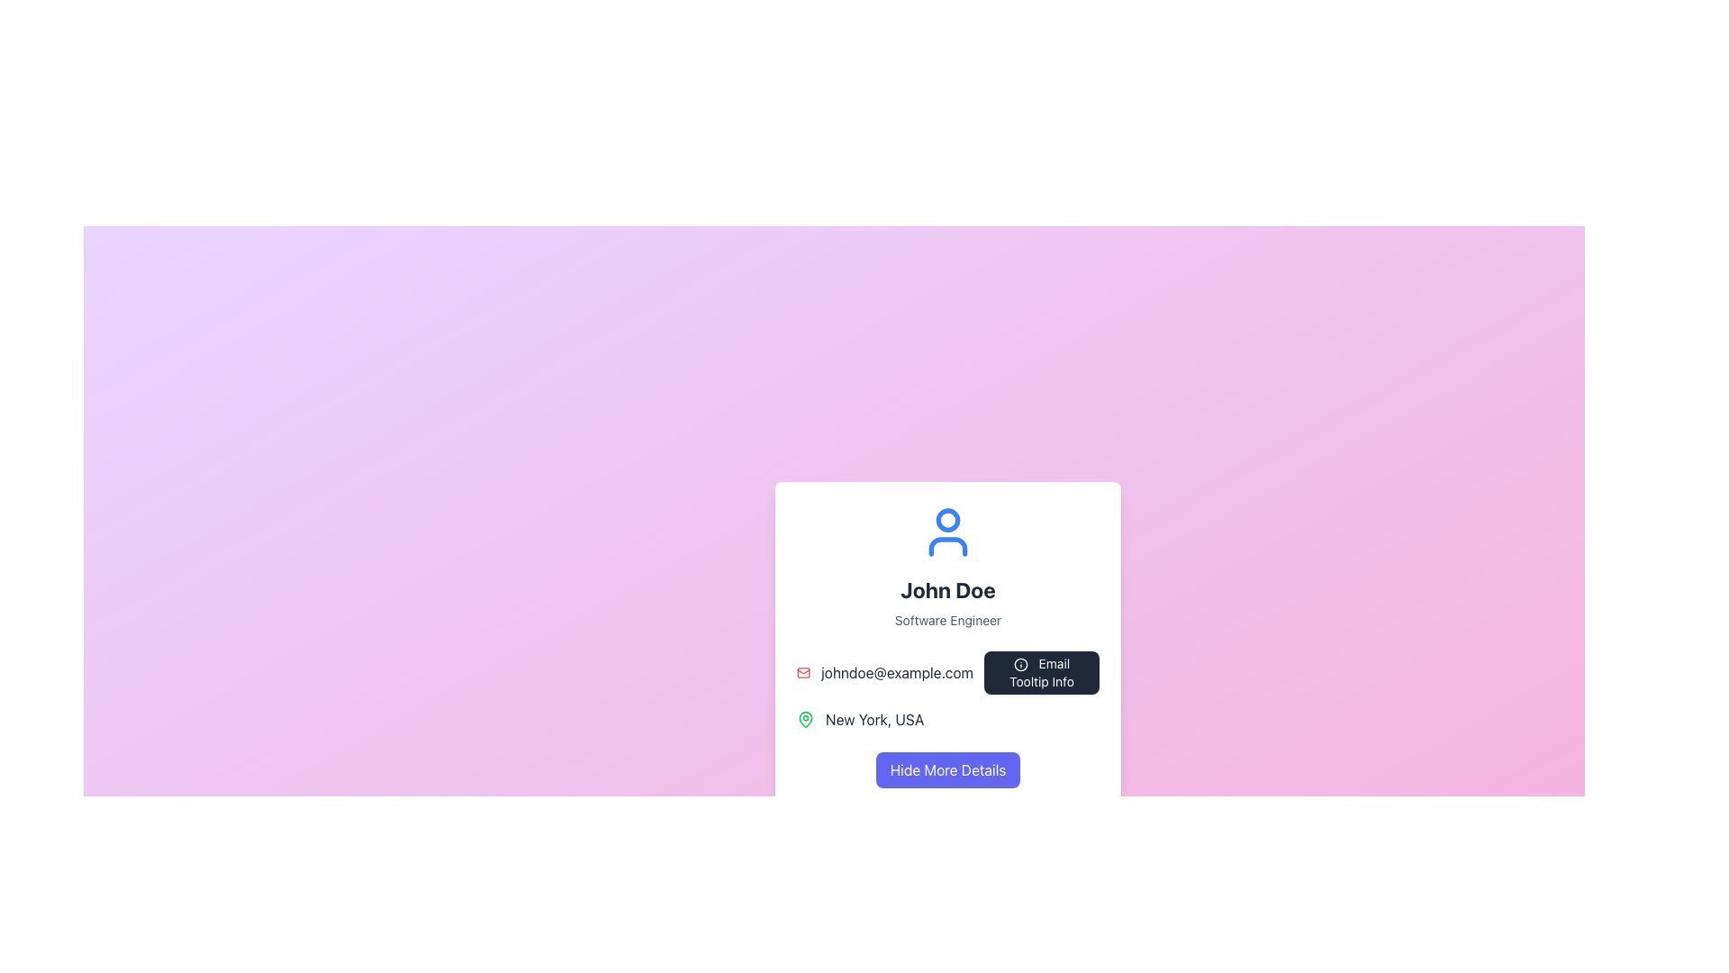 The image size is (1729, 973). Describe the element at coordinates (897, 673) in the screenshot. I see `the static text displaying an email address, which is styled with a dark gray font and located within a card interface to the right of a small red mail icon` at that location.